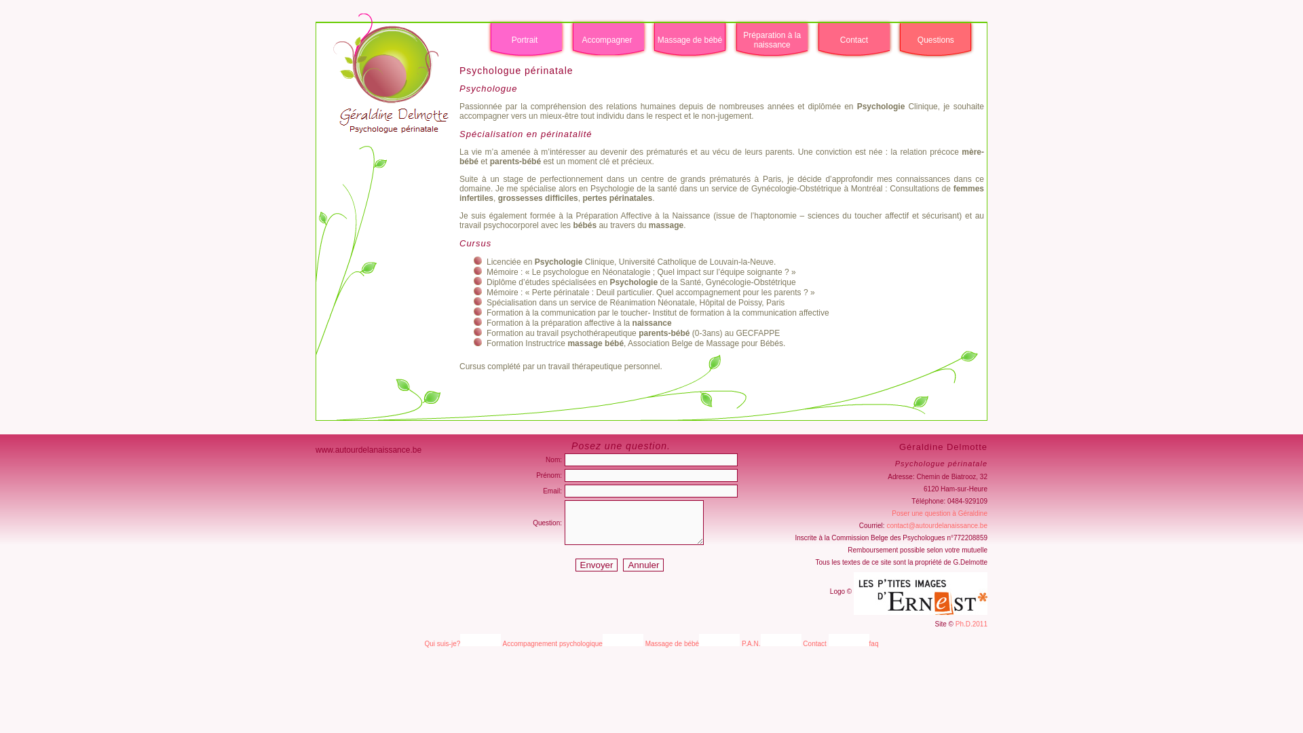 This screenshot has height=733, width=1303. What do you see at coordinates (934, 39) in the screenshot?
I see `'Questions'` at bounding box center [934, 39].